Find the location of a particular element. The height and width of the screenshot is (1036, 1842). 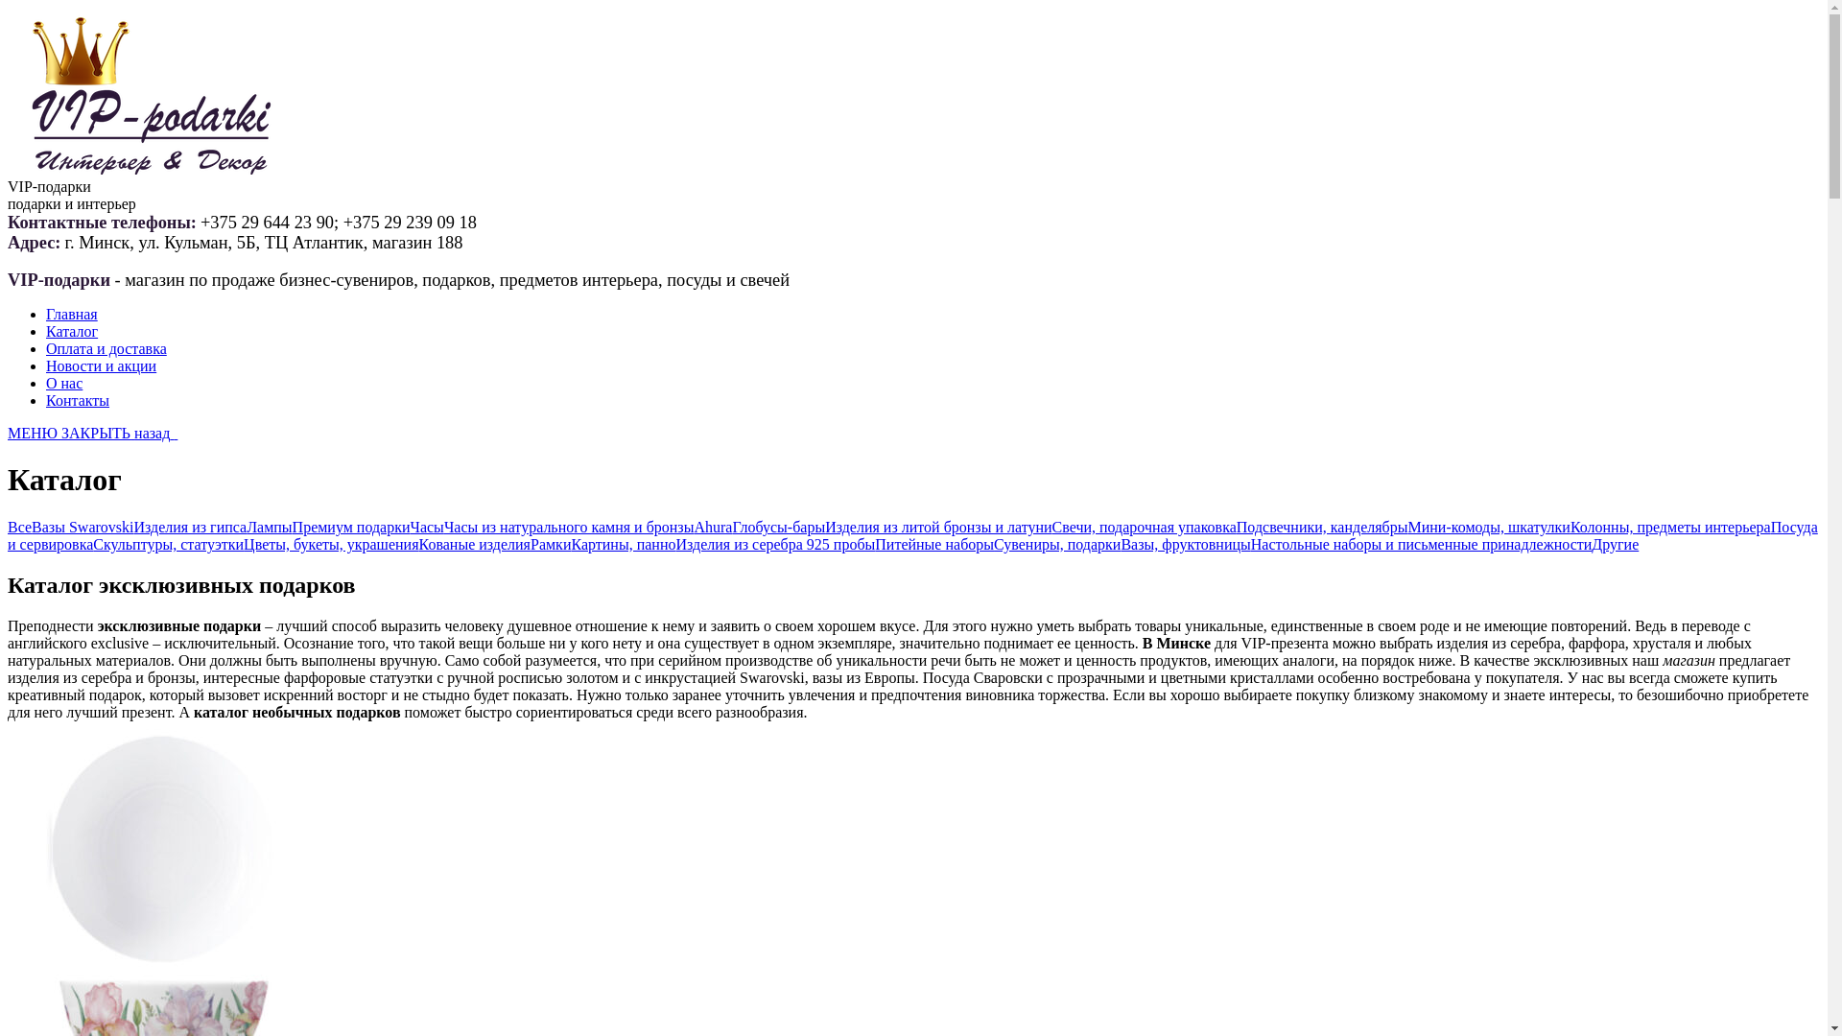

'Ahura' is located at coordinates (693, 527).